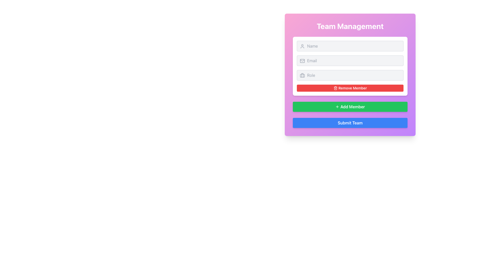 This screenshot has width=483, height=272. What do you see at coordinates (352, 107) in the screenshot?
I see `the text label inside the green button that indicates the action to add a new member to the list` at bounding box center [352, 107].